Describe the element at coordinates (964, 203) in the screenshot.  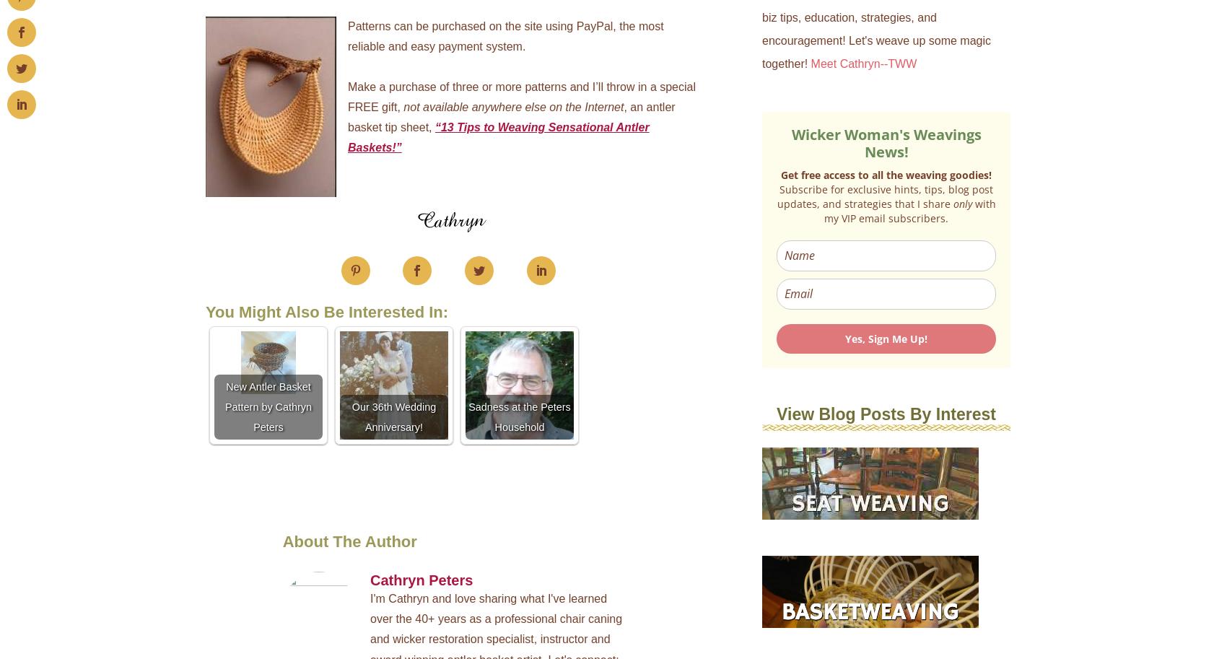
I see `'only'` at that location.